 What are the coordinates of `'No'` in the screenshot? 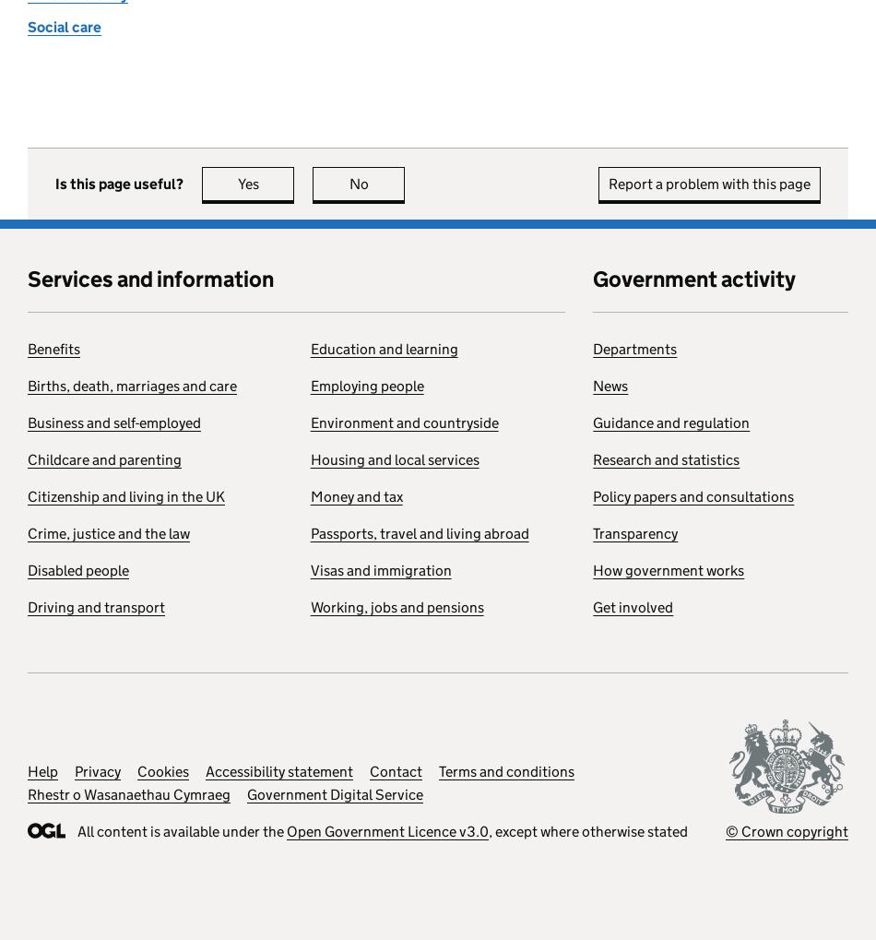 It's located at (357, 183).